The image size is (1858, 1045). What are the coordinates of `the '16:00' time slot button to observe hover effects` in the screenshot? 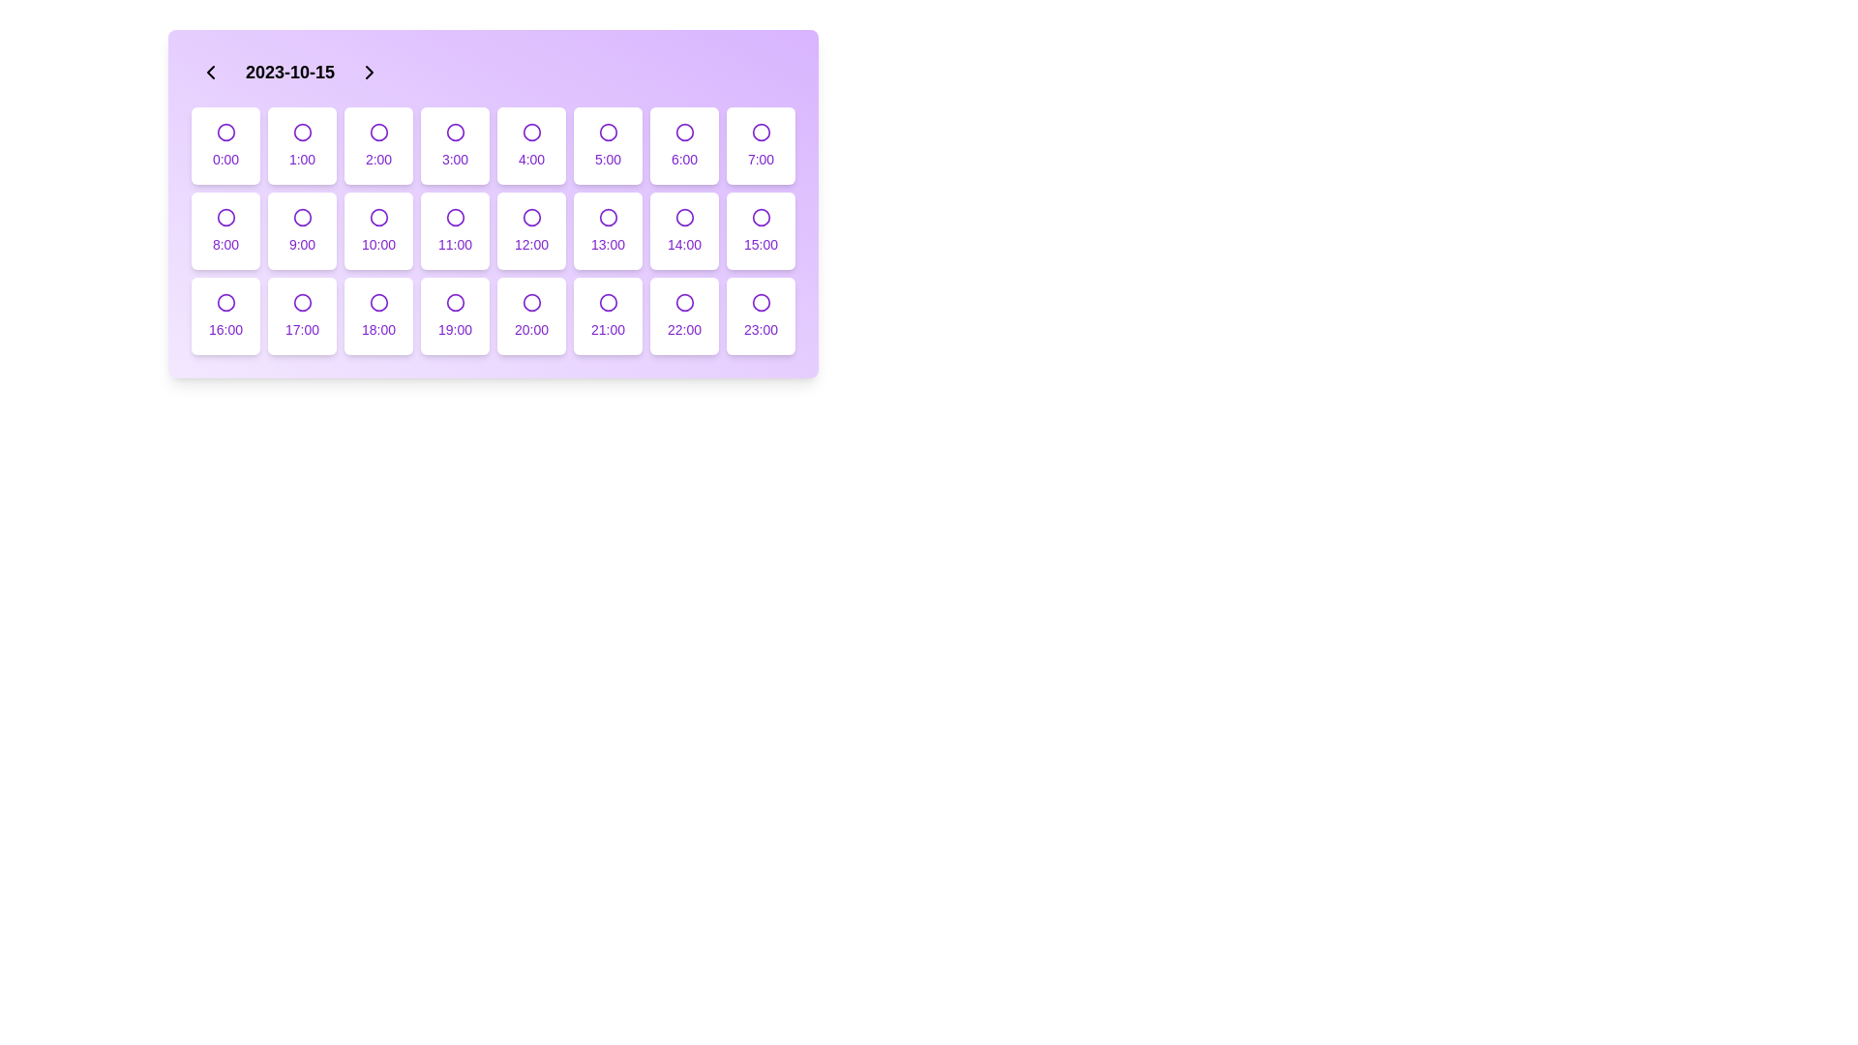 It's located at (225, 315).